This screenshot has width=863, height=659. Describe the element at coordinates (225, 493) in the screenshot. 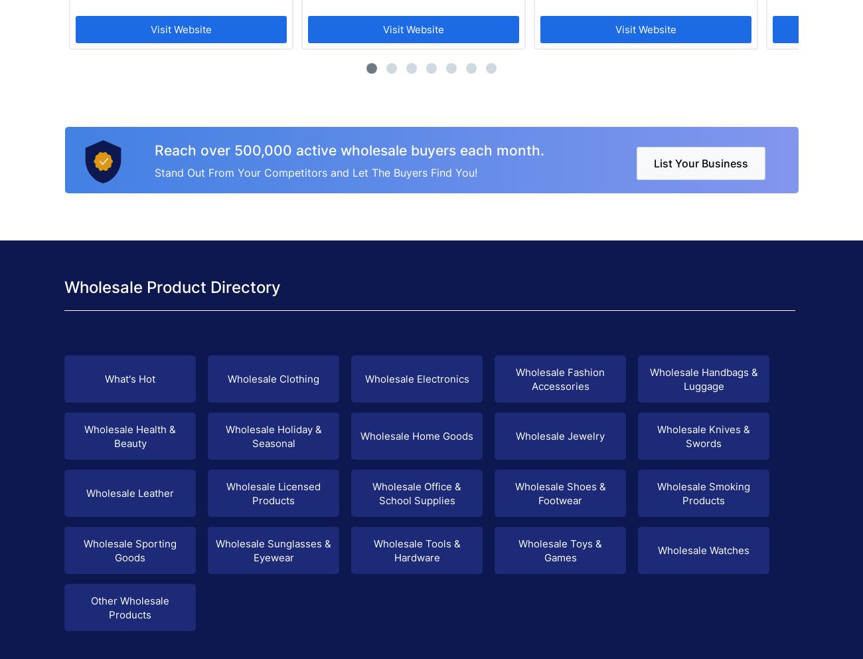

I see `'Wholesale Licensed Products'` at that location.